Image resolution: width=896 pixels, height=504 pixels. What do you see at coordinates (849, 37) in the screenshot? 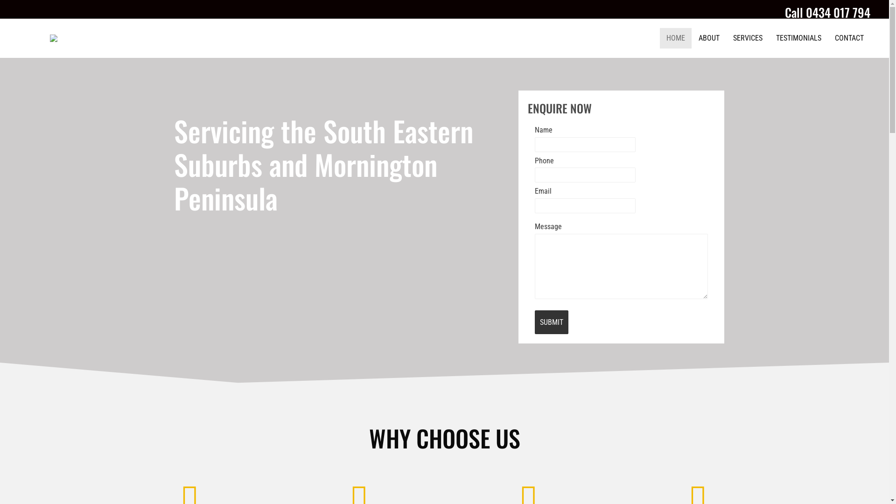
I see `'CONTACT'` at bounding box center [849, 37].